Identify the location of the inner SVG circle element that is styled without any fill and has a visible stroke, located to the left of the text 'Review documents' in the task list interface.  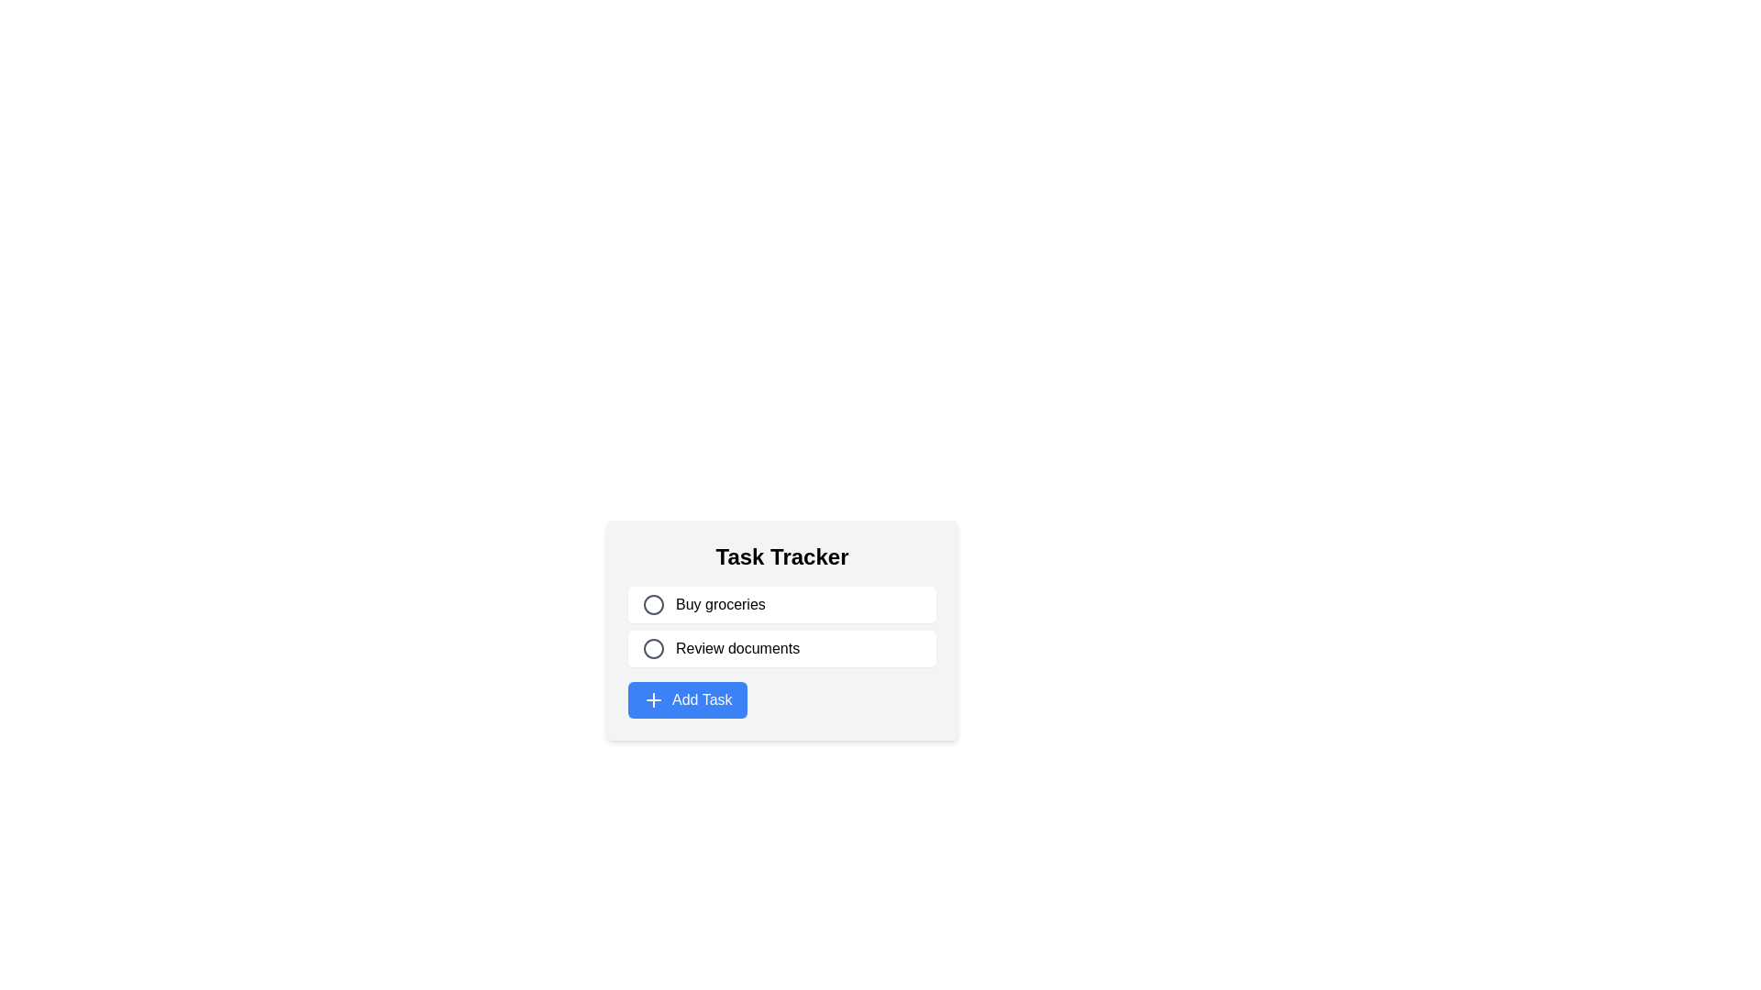
(654, 648).